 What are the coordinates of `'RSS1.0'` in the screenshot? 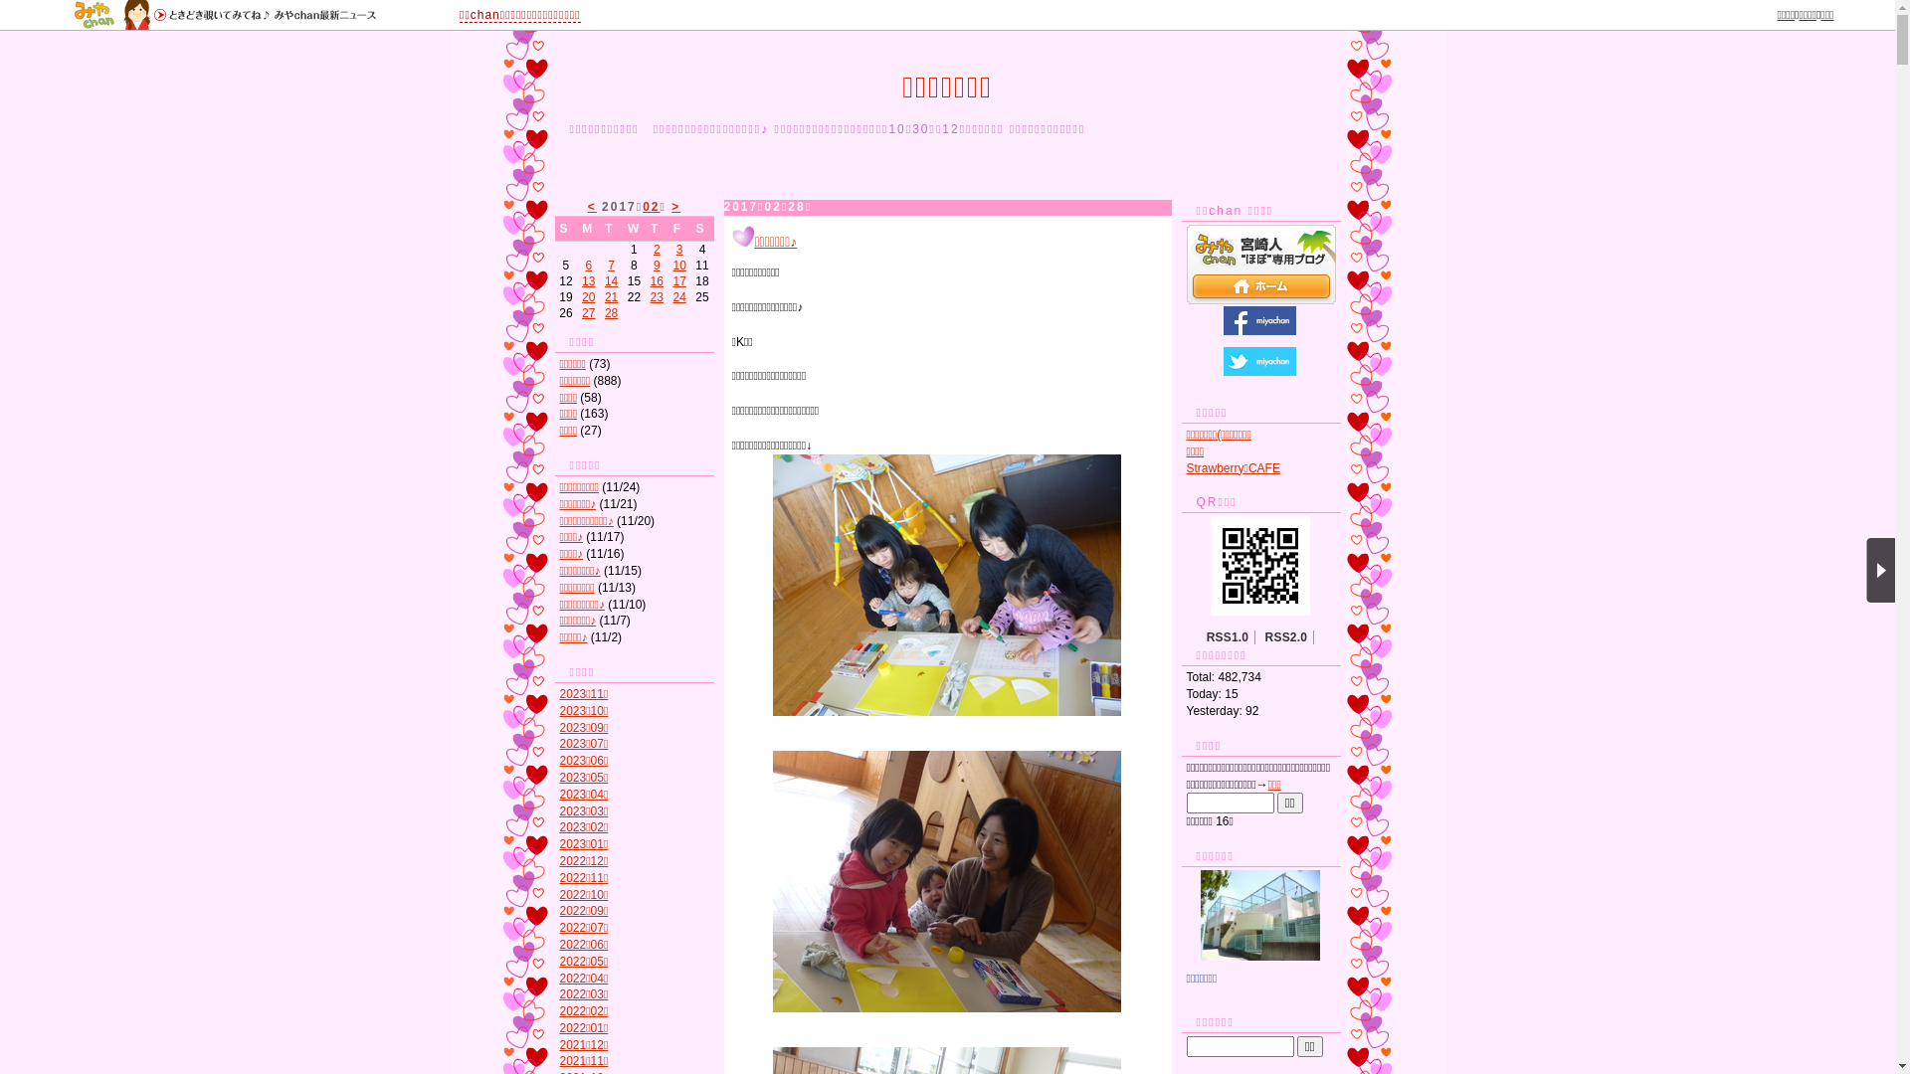 It's located at (1227, 636).